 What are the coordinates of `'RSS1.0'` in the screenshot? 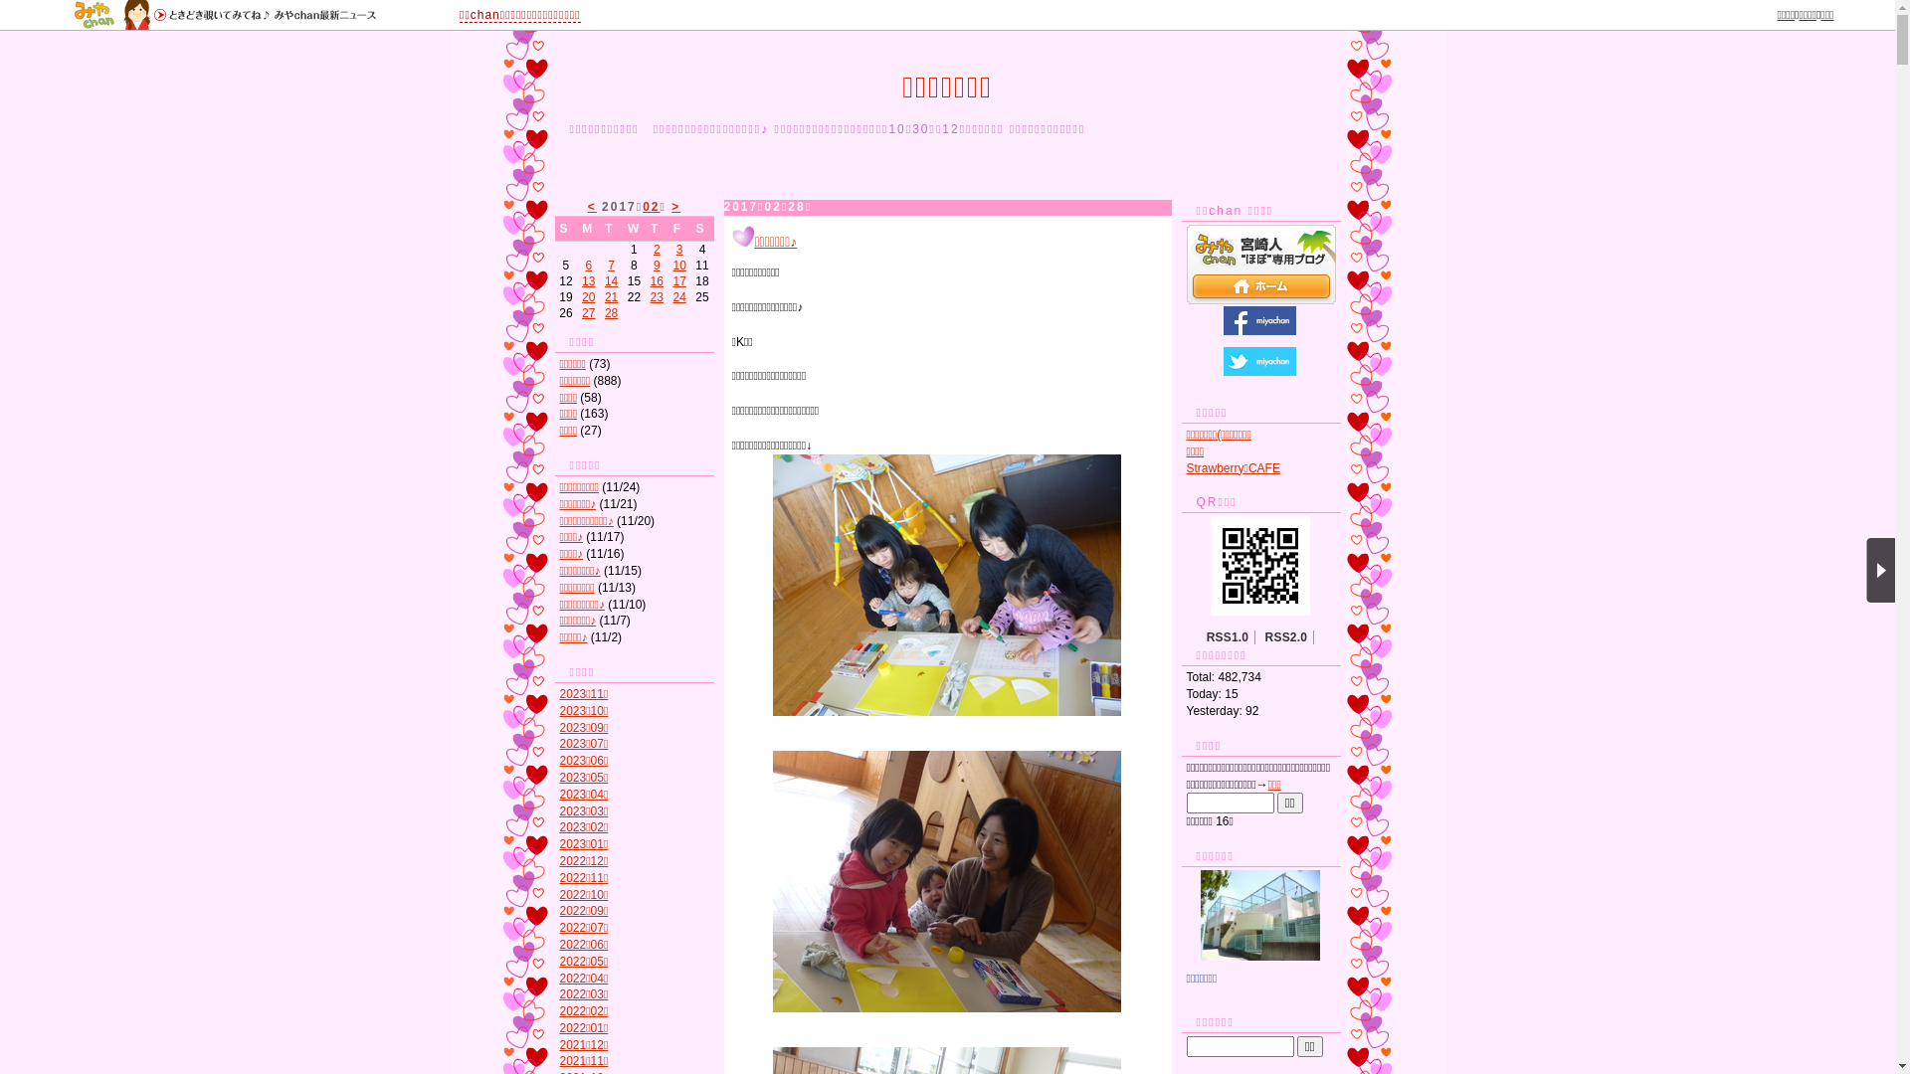 It's located at (1227, 636).